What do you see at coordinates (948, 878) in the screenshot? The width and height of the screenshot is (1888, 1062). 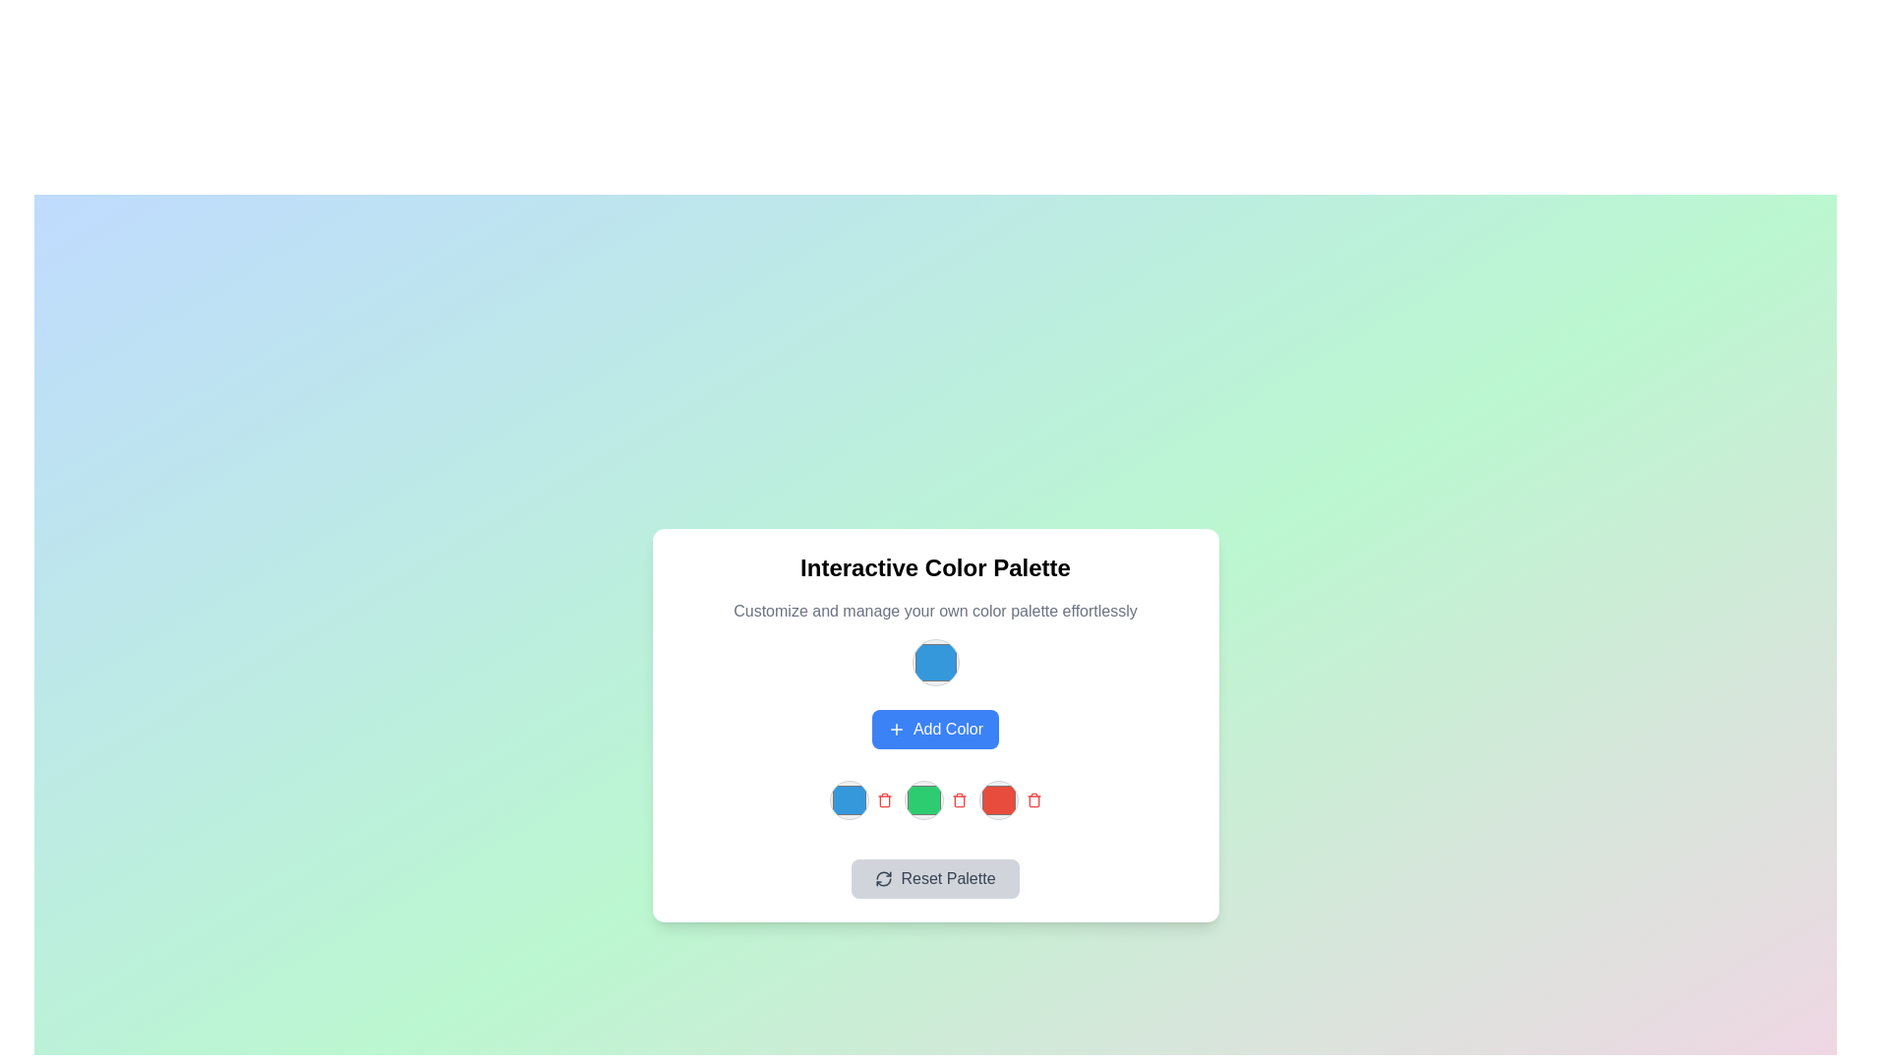 I see `the 'Reset Palette' text label, which is styled with a dark gray font on a light gray background and is part of a button with rounded corners, positioned at the bottom center of the window next to a circular refresh icon` at bounding box center [948, 878].